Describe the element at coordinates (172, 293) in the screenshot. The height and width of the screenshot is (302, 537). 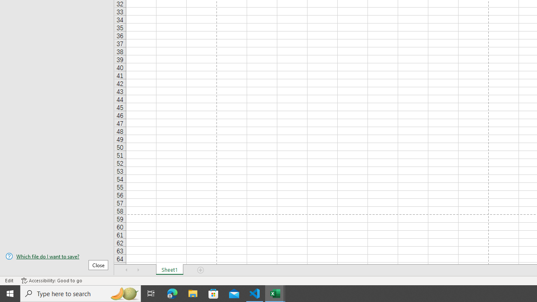
I see `'Microsoft Edge'` at that location.